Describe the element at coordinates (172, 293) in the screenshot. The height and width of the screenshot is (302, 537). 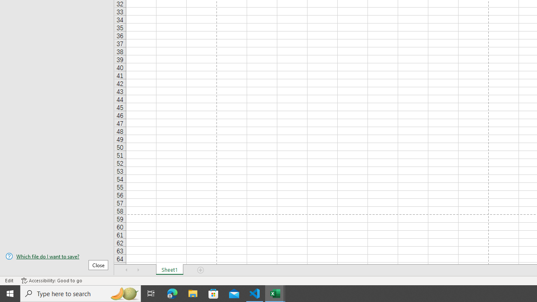
I see `'Microsoft Edge'` at that location.